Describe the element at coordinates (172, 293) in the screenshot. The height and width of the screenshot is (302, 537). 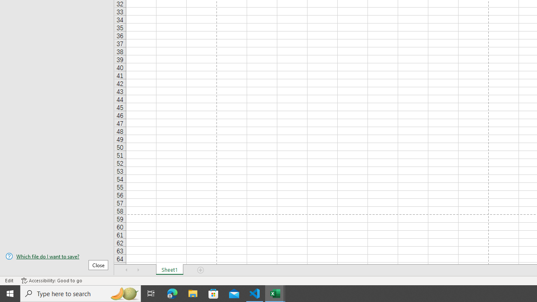
I see `'Microsoft Edge'` at that location.